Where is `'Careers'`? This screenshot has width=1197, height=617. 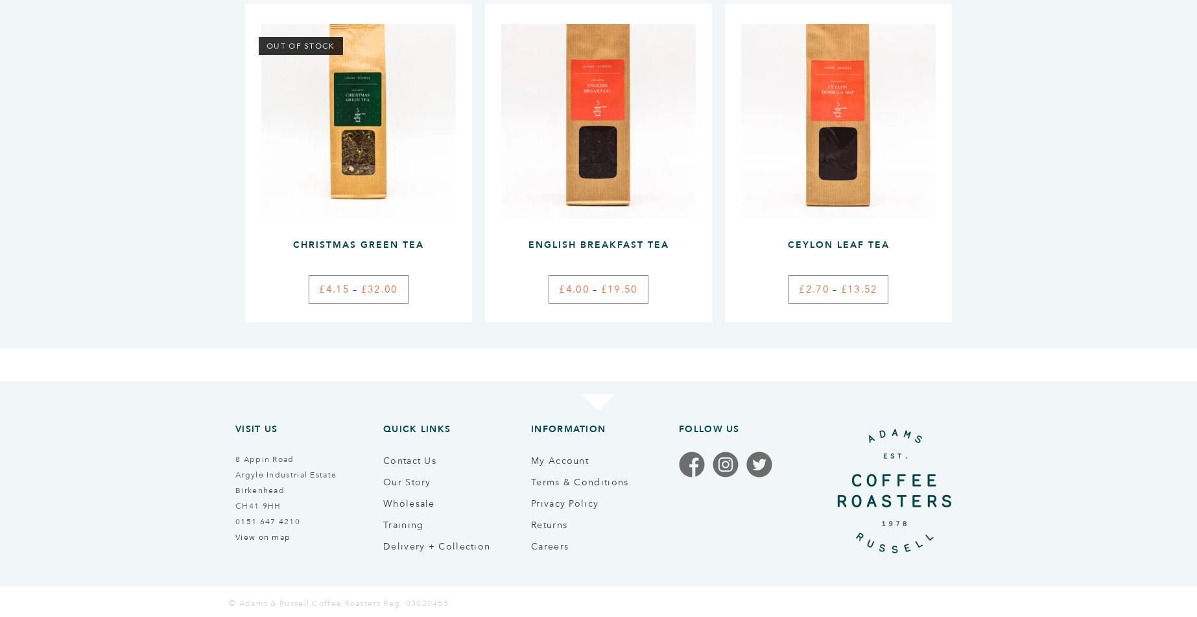
'Careers' is located at coordinates (549, 544).